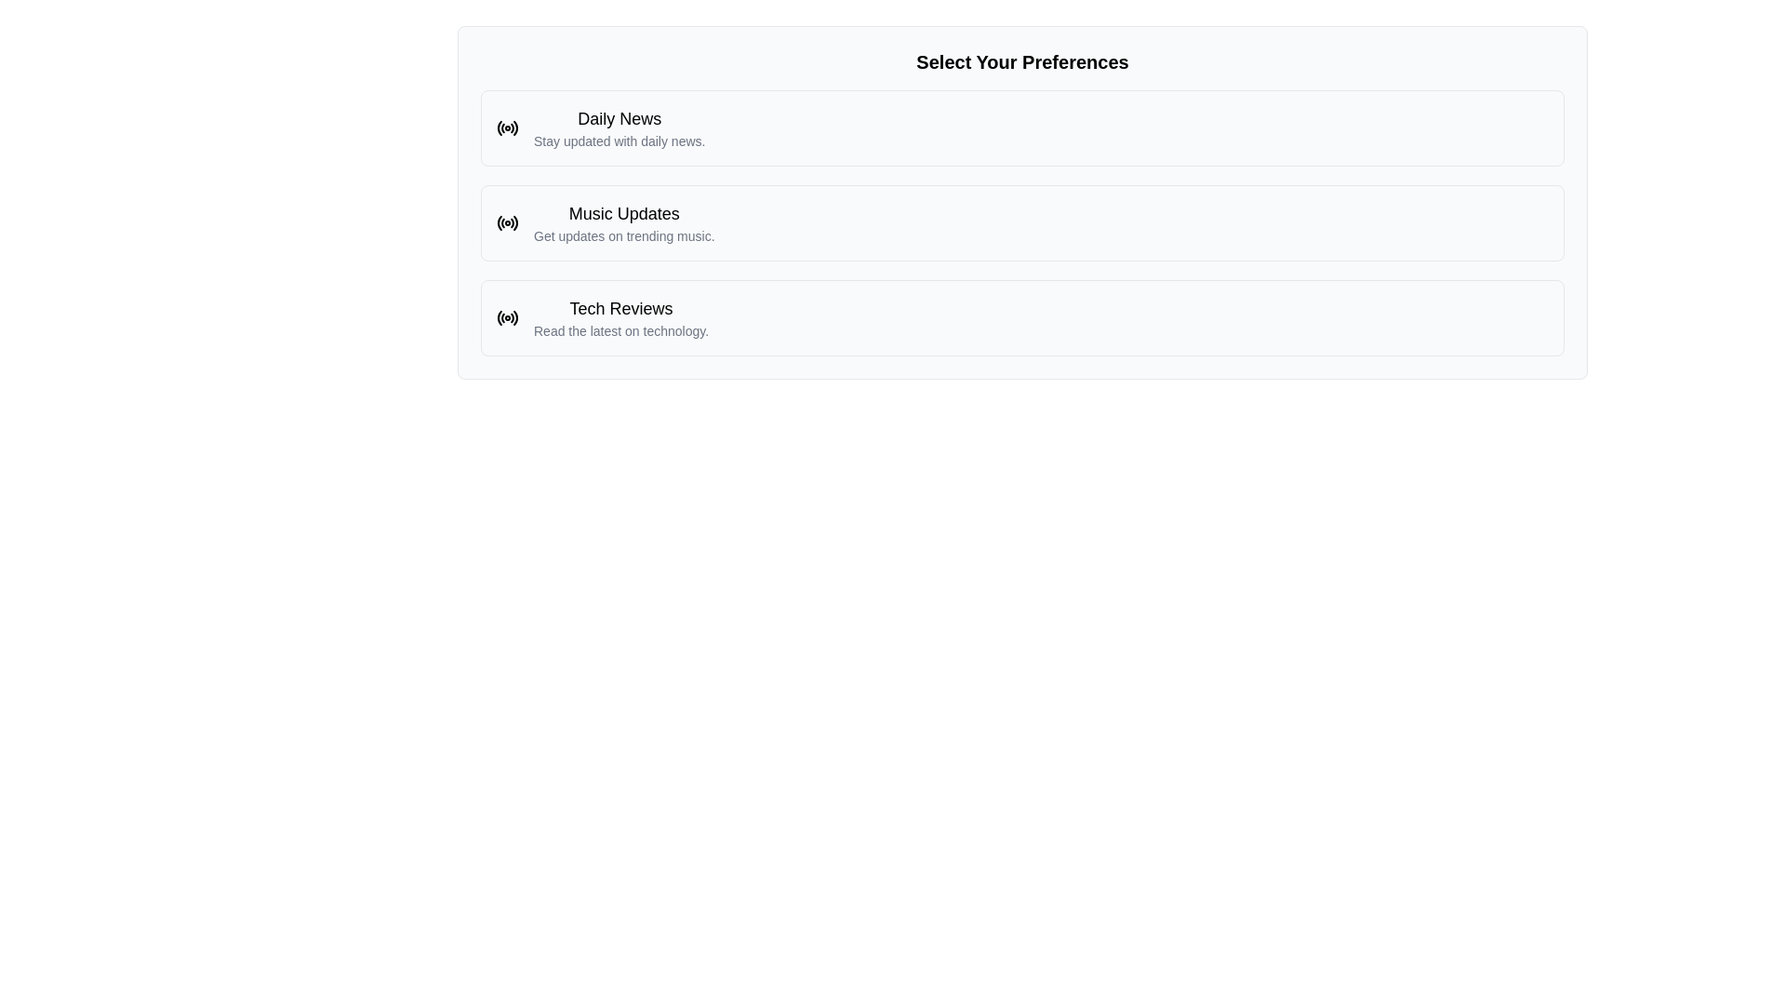 This screenshot has height=1005, width=1786. I want to click on text of the Text Header located at the top of the preference selection section, which provides guidance on user preferences, so click(1021, 60).